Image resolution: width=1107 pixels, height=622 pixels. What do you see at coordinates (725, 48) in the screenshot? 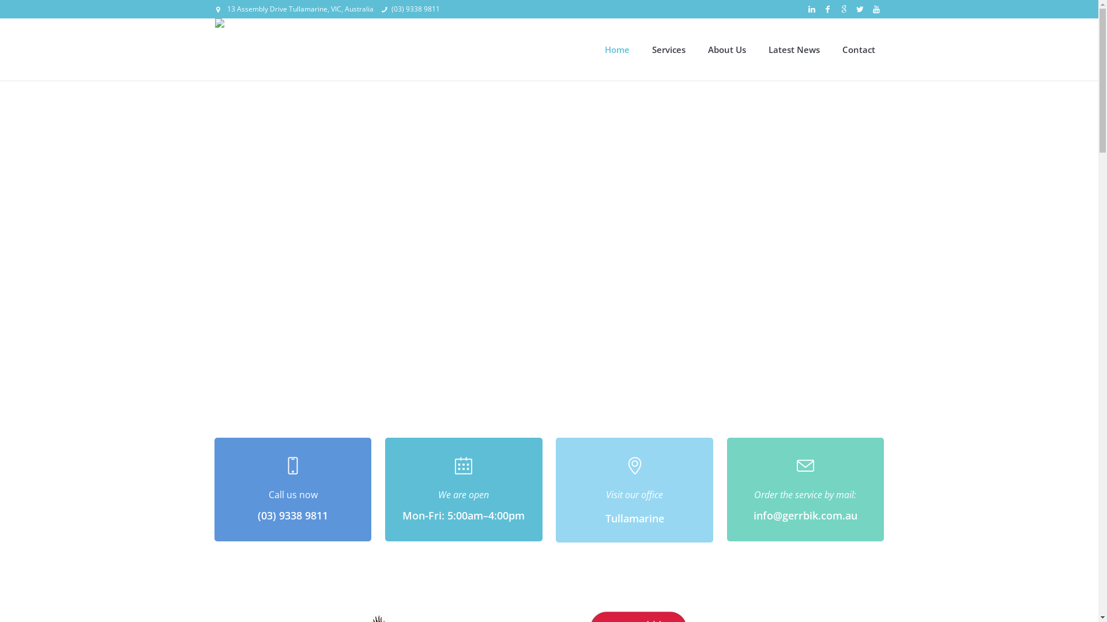
I see `'About Us'` at bounding box center [725, 48].